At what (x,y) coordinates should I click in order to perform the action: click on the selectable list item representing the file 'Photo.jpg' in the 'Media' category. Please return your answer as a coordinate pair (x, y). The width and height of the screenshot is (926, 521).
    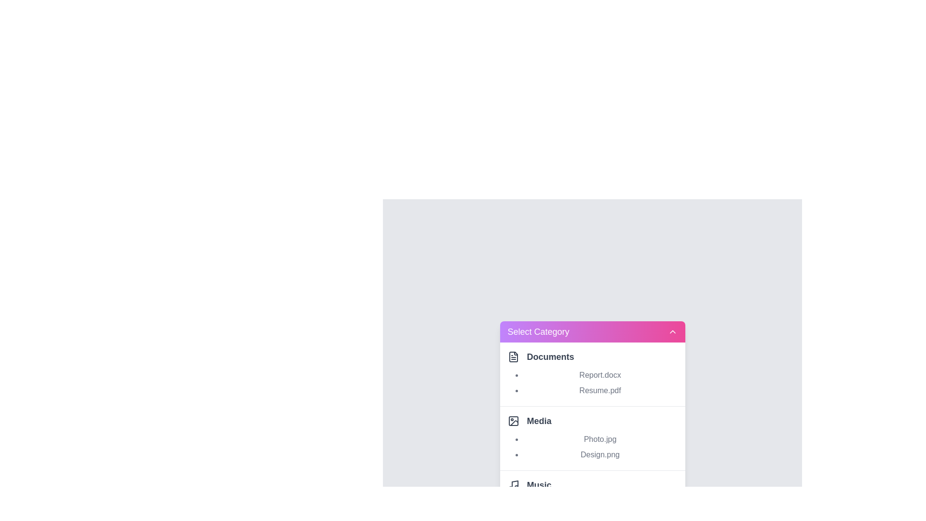
    Looking at the image, I should click on (599, 439).